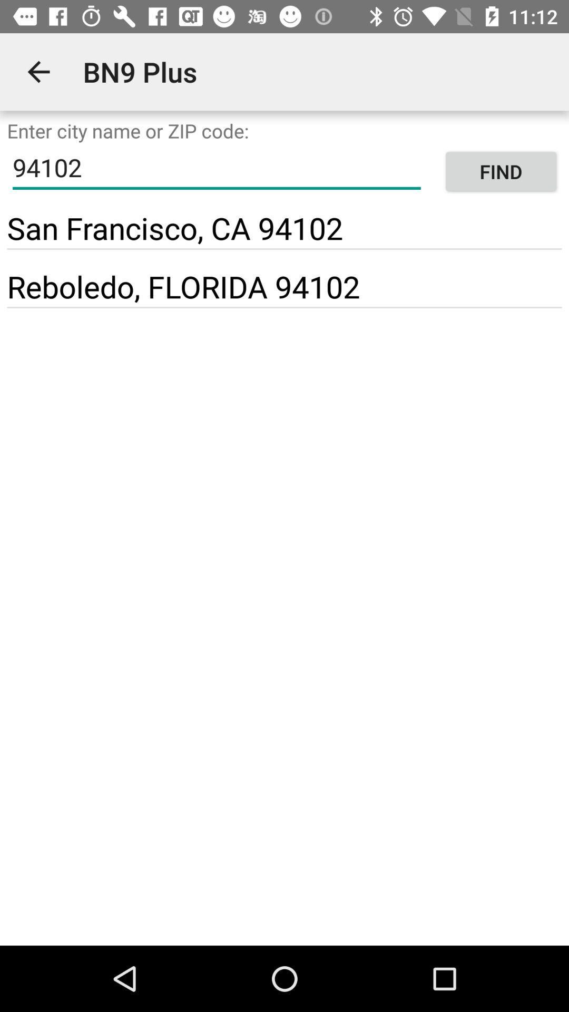 Image resolution: width=569 pixels, height=1012 pixels. I want to click on the item to the left of find icon, so click(174, 227).